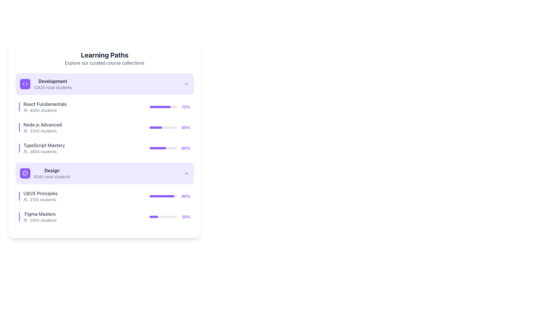 The height and width of the screenshot is (309, 549). What do you see at coordinates (45, 173) in the screenshot?
I see `the course information card displaying 'Design 8340 total students', which consists of a purple palette icon and bold black text, located in the 'Learning Paths' section, specifically the fourth item in the list` at bounding box center [45, 173].